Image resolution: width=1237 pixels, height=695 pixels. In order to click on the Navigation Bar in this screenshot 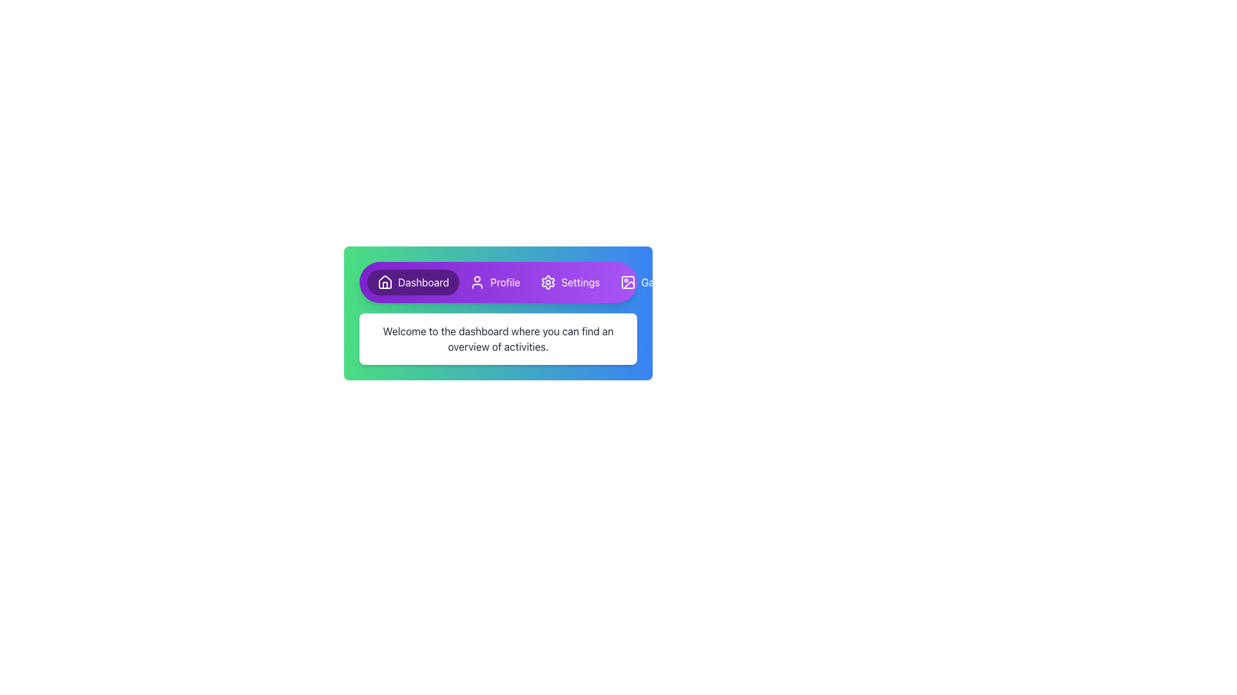, I will do `click(497, 282)`.